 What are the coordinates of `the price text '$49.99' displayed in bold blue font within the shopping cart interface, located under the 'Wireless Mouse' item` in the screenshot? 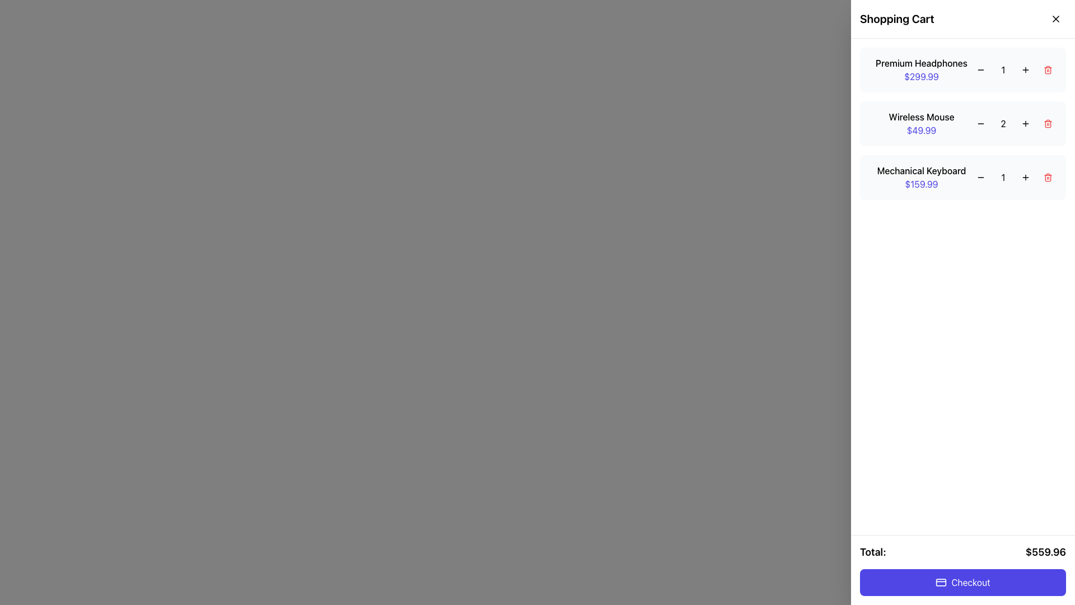 It's located at (922, 129).